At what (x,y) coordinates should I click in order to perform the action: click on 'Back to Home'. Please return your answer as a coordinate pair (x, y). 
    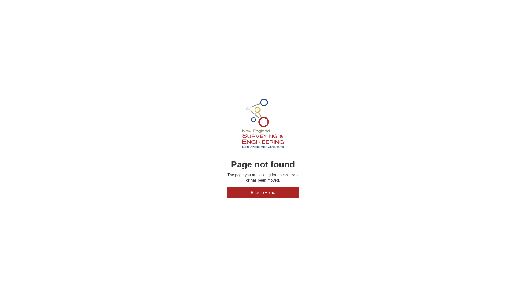
    Looking at the image, I should click on (263, 192).